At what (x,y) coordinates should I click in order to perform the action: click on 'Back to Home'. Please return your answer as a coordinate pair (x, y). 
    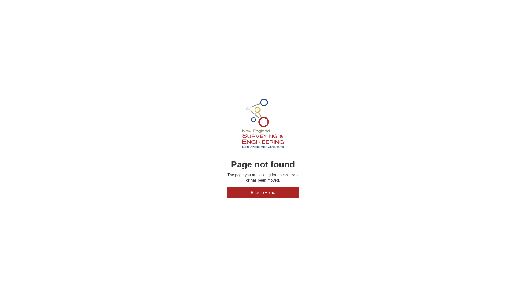
    Looking at the image, I should click on (263, 192).